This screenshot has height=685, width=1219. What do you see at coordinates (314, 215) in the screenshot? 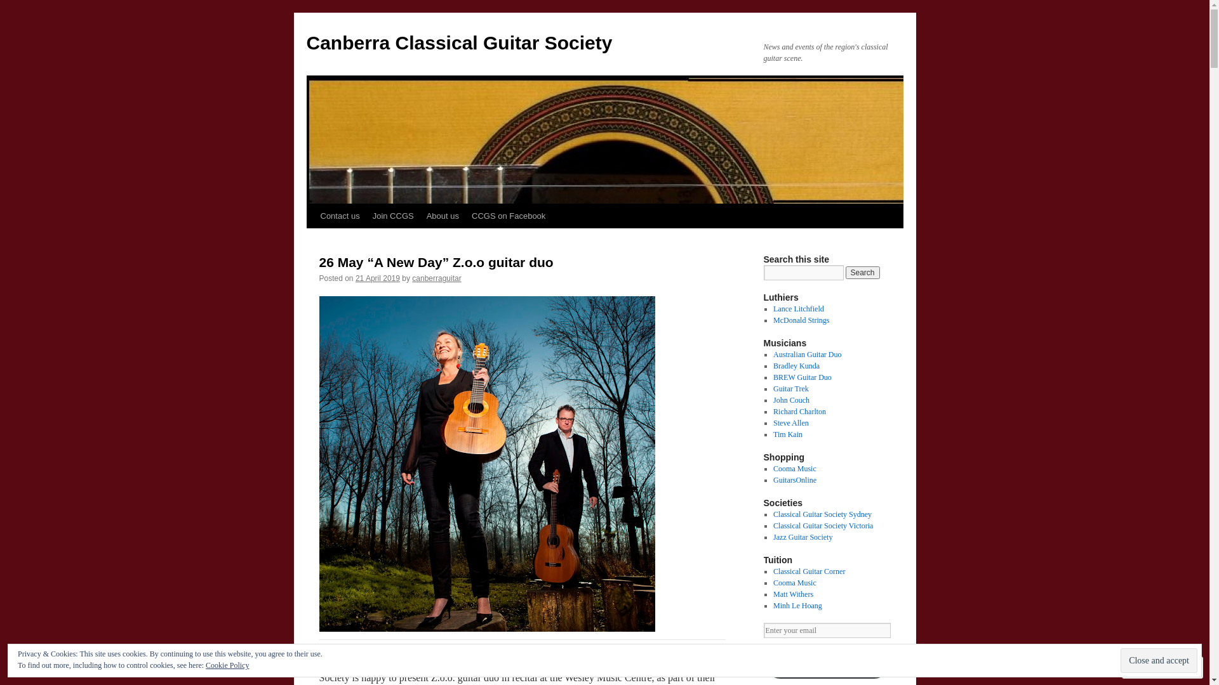
I see `'Contact us'` at bounding box center [314, 215].